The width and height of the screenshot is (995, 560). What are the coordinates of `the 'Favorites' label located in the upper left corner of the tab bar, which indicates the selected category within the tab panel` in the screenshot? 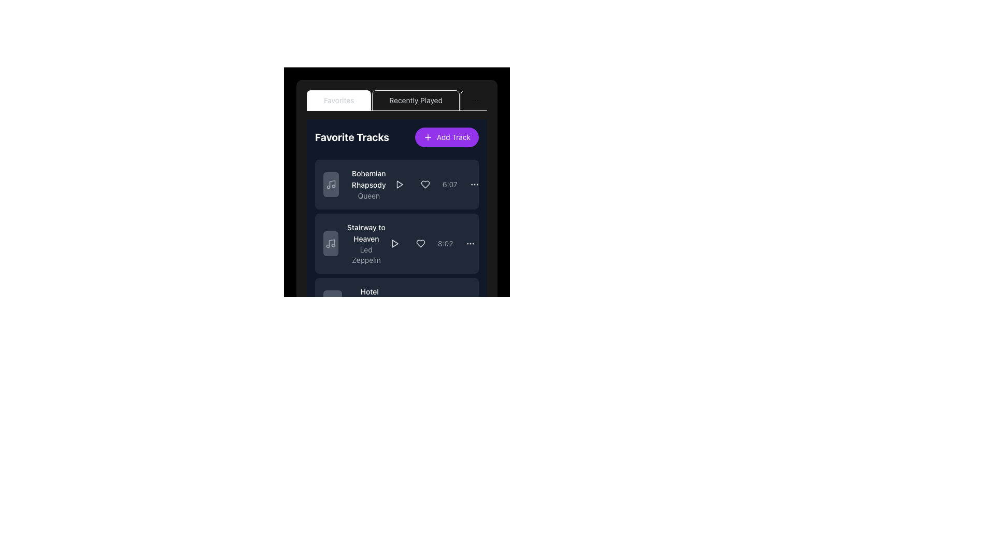 It's located at (339, 100).